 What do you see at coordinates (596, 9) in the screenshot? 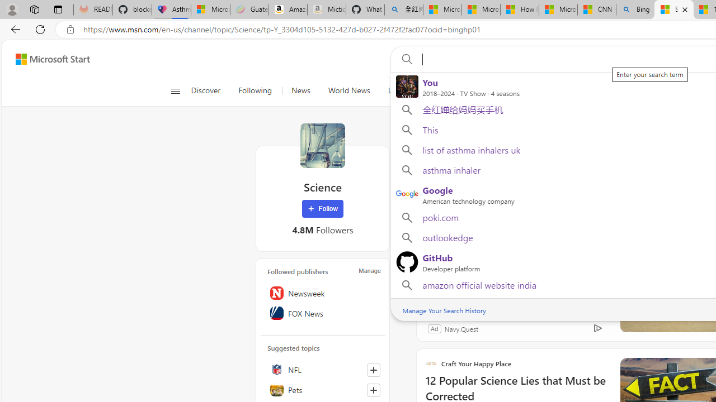
I see `'CNN - MSN'` at bounding box center [596, 9].